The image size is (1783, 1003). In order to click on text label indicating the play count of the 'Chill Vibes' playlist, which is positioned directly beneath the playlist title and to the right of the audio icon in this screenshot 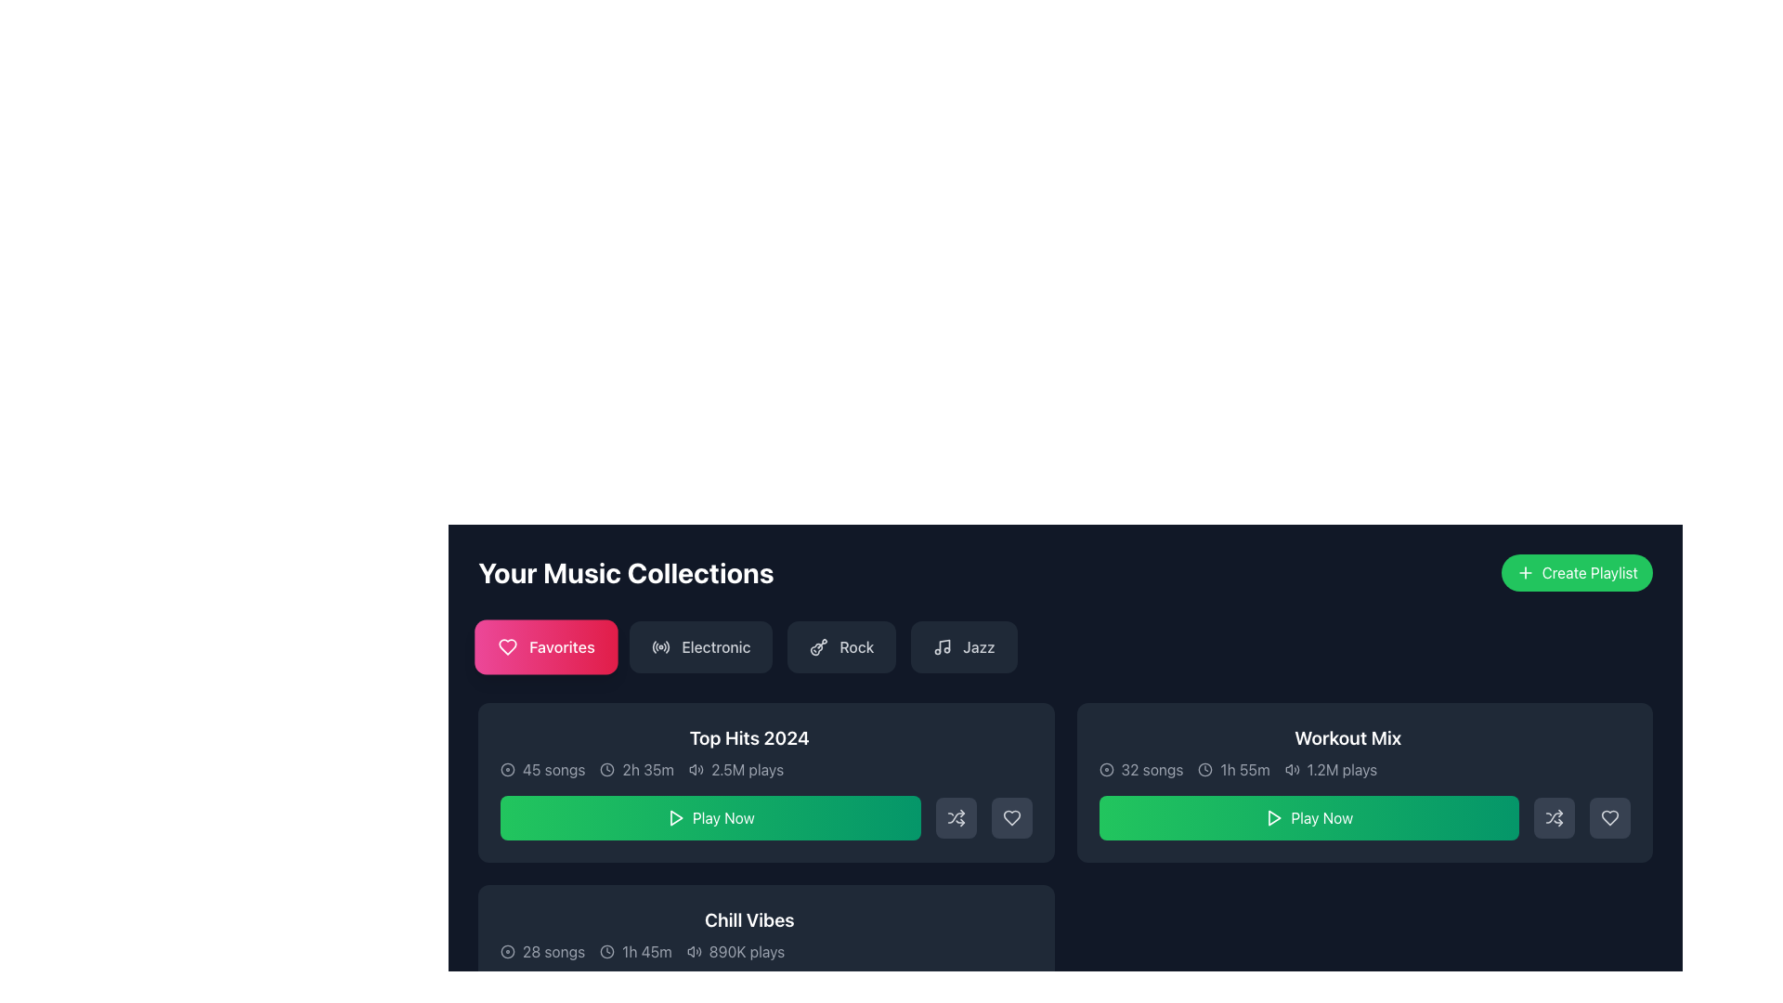, I will do `click(747, 952)`.